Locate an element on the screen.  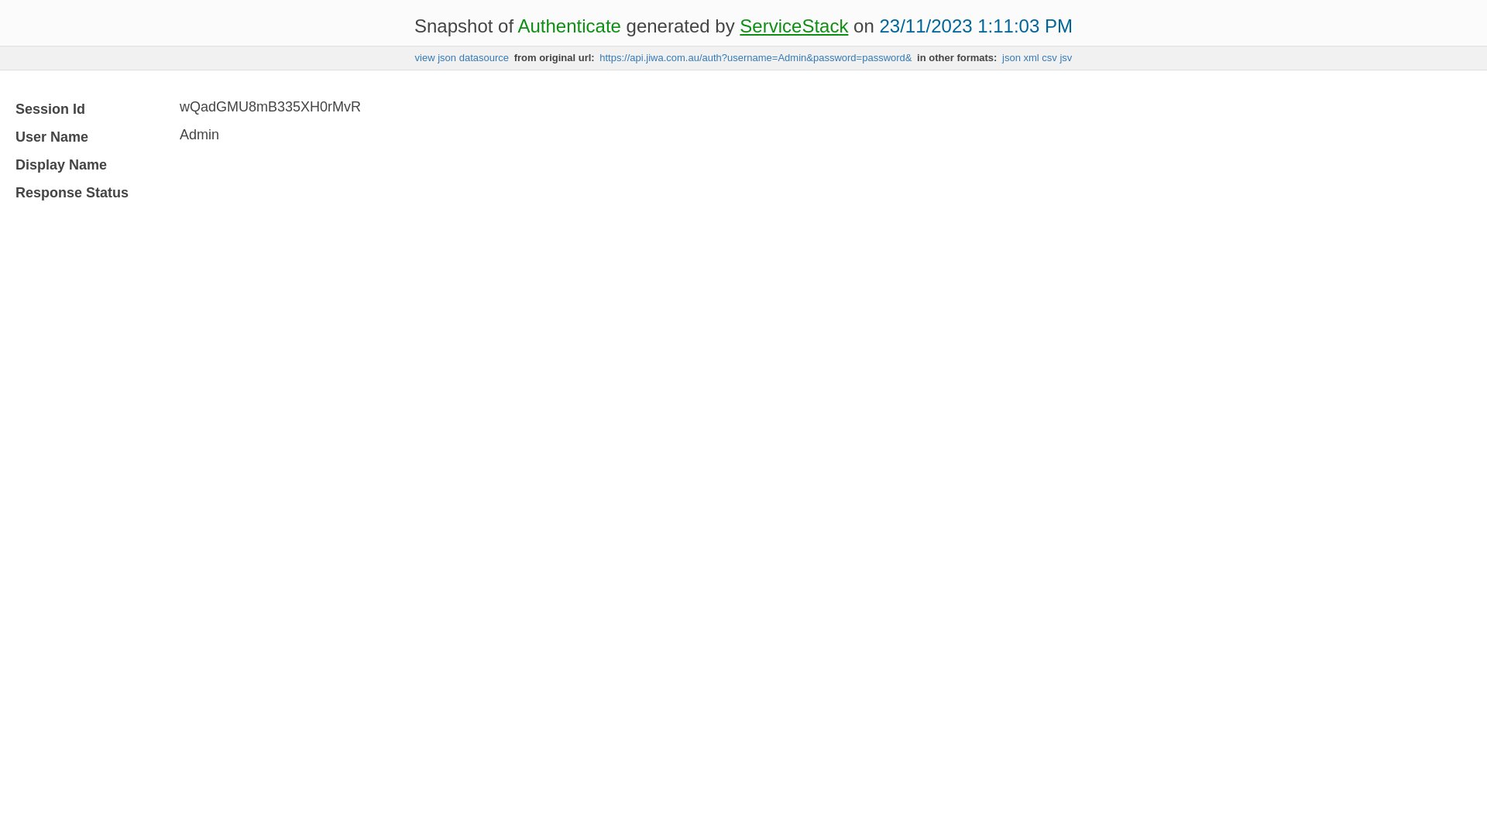
'xml' is located at coordinates (1023, 57).